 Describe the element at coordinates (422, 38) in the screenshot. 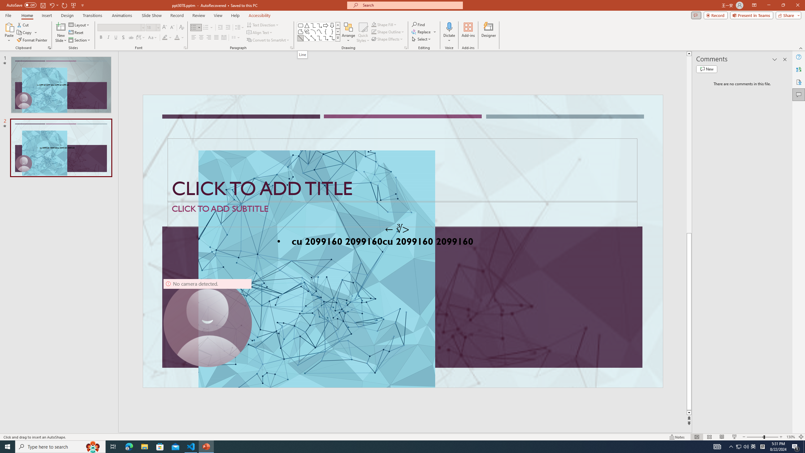

I see `'Select'` at that location.